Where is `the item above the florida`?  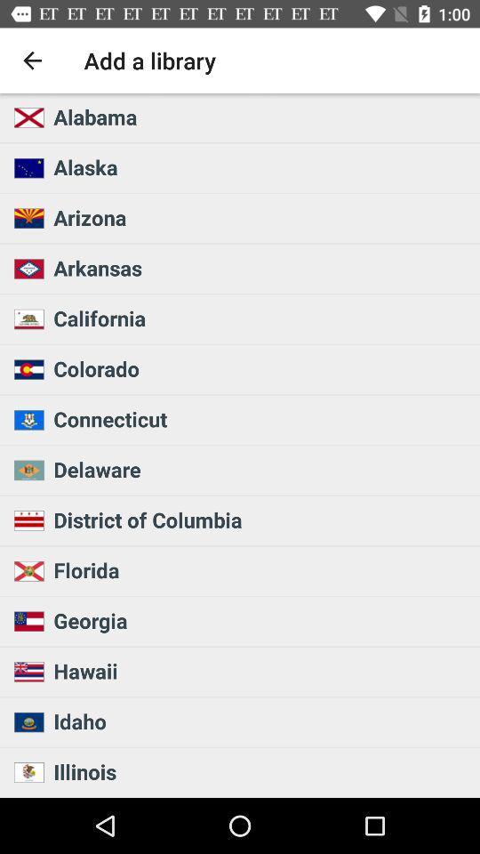
the item above the florida is located at coordinates (260, 520).